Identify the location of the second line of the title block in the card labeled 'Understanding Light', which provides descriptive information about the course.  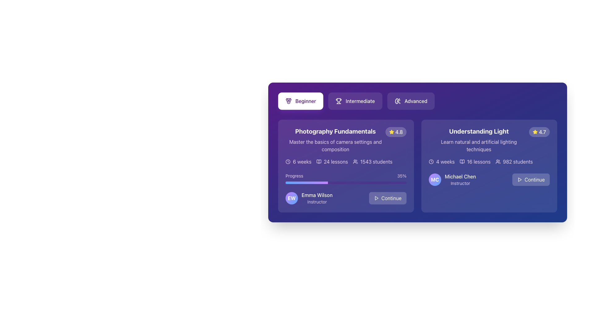
(479, 145).